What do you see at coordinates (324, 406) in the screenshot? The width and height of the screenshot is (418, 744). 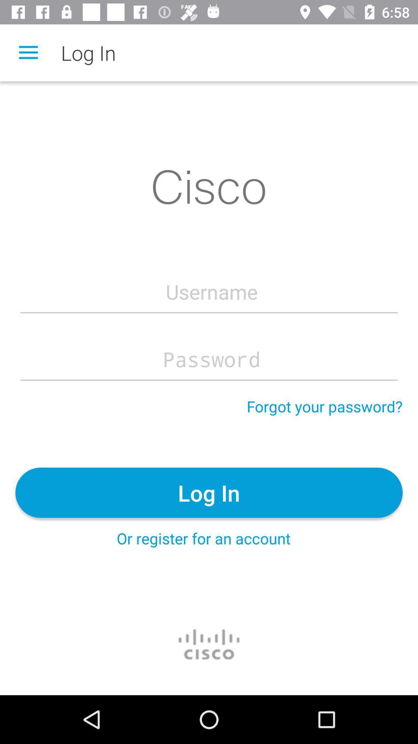 I see `forgot your password? item` at bounding box center [324, 406].